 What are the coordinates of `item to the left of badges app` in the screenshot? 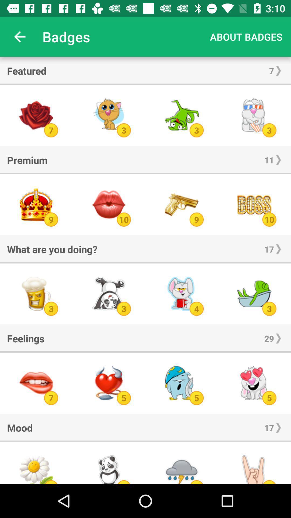 It's located at (19, 36).